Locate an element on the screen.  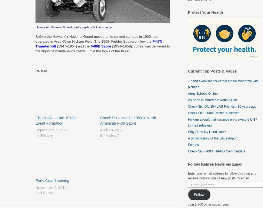
'Enter your email address to follow this blog and receive notifications of new posts by email.' is located at coordinates (222, 175).